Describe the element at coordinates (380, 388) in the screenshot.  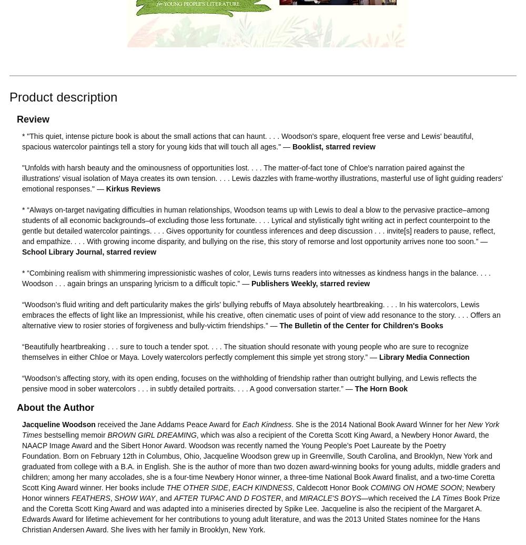
I see `'The Horn Book'` at that location.